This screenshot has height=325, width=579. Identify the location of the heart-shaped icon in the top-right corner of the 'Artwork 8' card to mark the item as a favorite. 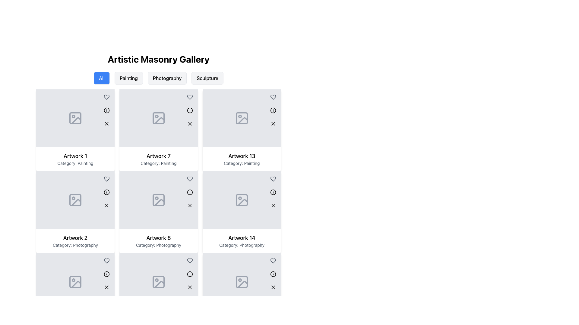
(189, 261).